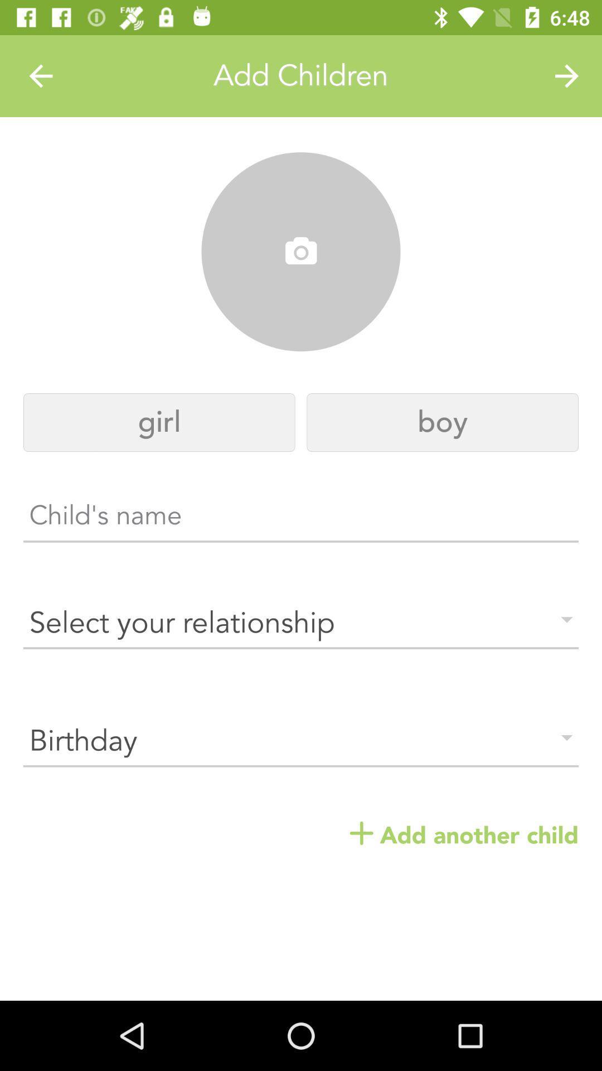 Image resolution: width=602 pixels, height=1071 pixels. Describe the element at coordinates (159, 422) in the screenshot. I see `the icon to the left of boy item` at that location.